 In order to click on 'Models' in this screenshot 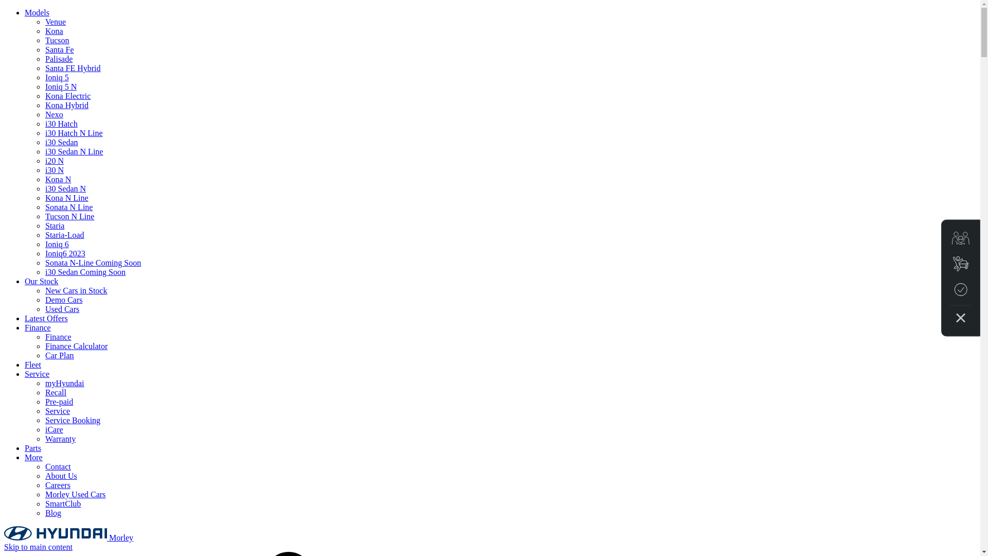, I will do `click(37, 12)`.